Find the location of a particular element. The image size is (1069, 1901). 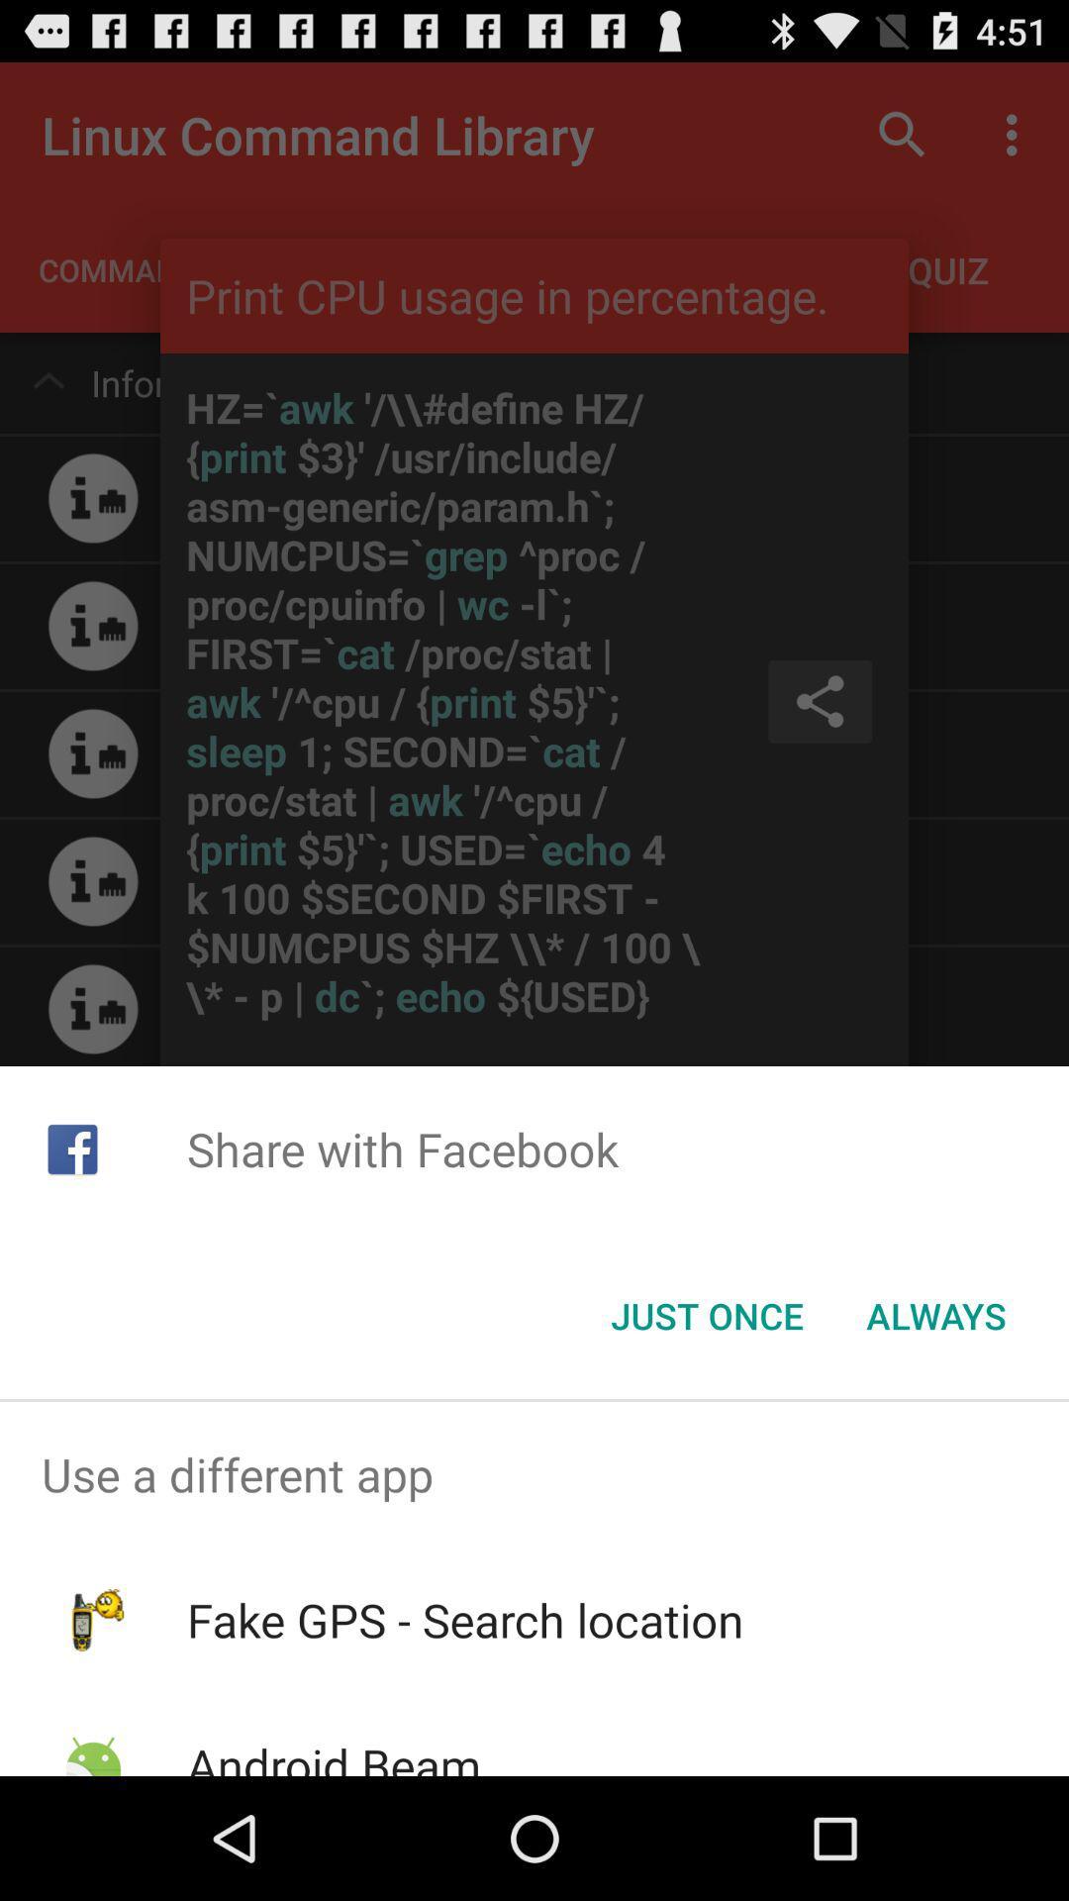

android beam icon is located at coordinates (333, 1754).